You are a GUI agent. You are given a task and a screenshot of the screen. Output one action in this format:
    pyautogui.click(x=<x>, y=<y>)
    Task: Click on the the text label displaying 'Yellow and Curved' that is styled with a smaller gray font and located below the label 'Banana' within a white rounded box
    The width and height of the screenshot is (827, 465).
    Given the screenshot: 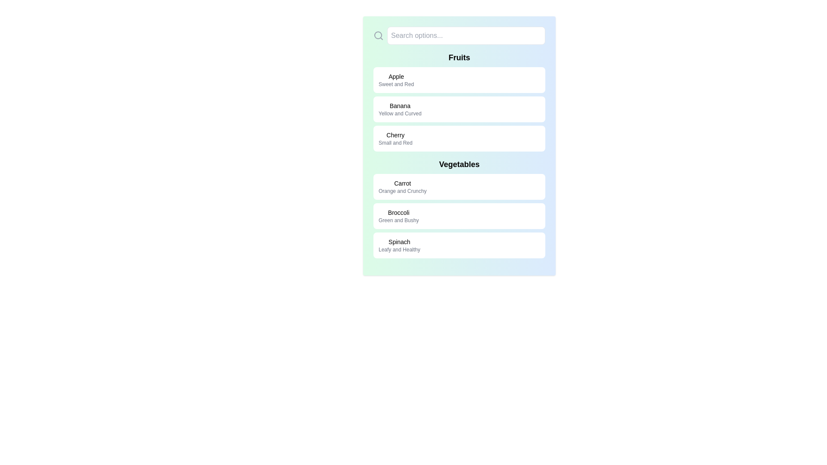 What is the action you would take?
    pyautogui.click(x=399, y=113)
    